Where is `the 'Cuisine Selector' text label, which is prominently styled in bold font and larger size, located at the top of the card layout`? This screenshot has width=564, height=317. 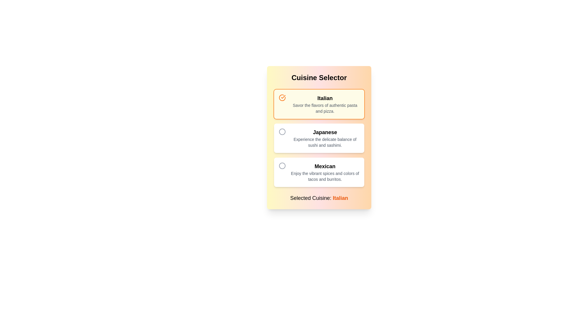 the 'Cuisine Selector' text label, which is prominently styled in bold font and larger size, located at the top of the card layout is located at coordinates (319, 77).